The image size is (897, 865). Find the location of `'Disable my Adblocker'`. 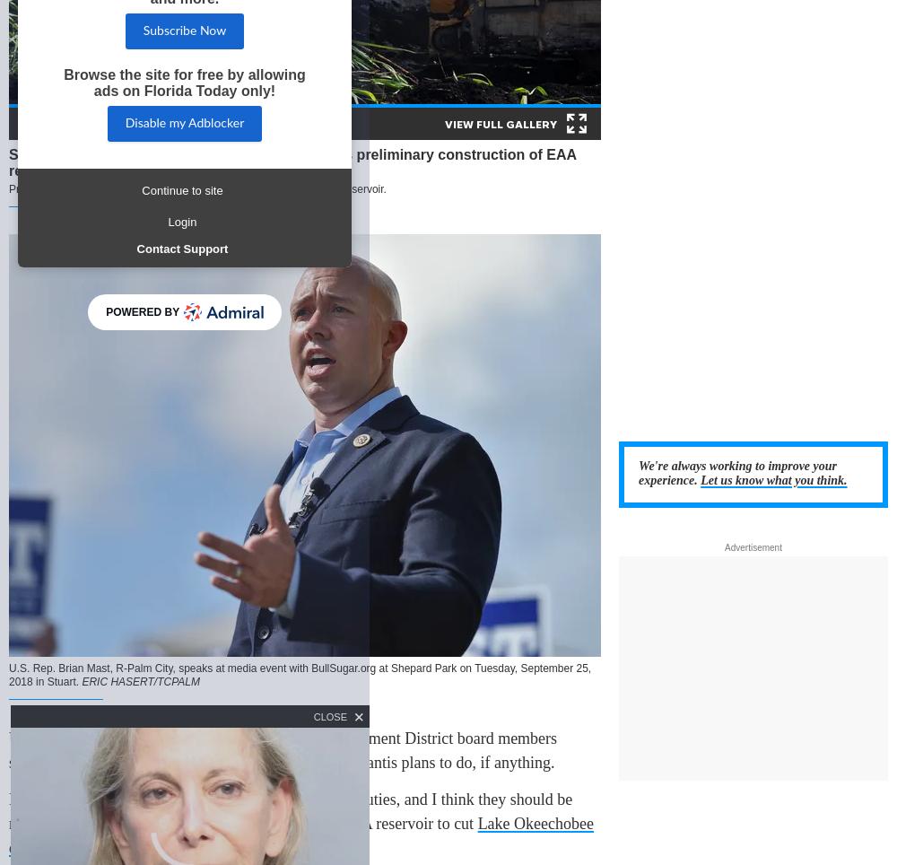

'Disable my Adblocker' is located at coordinates (125, 122).